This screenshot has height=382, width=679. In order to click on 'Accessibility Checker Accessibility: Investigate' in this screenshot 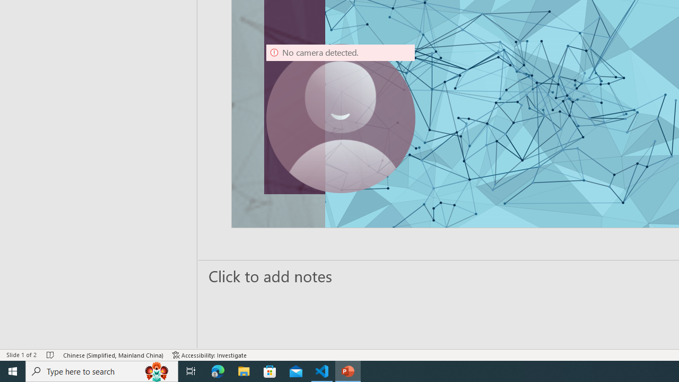, I will do `click(210, 355)`.